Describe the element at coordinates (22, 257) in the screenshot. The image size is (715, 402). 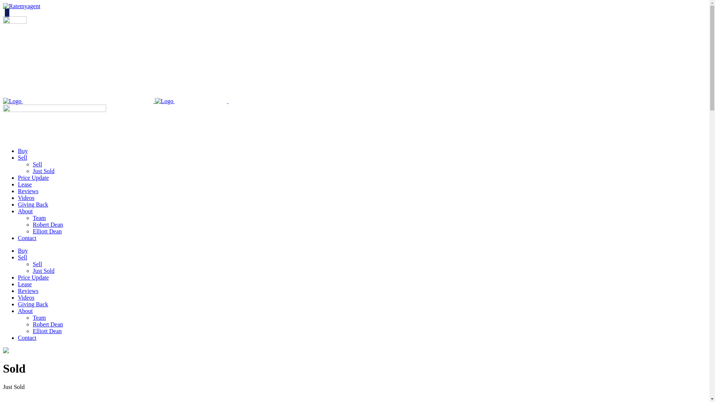
I see `'Sell'` at that location.